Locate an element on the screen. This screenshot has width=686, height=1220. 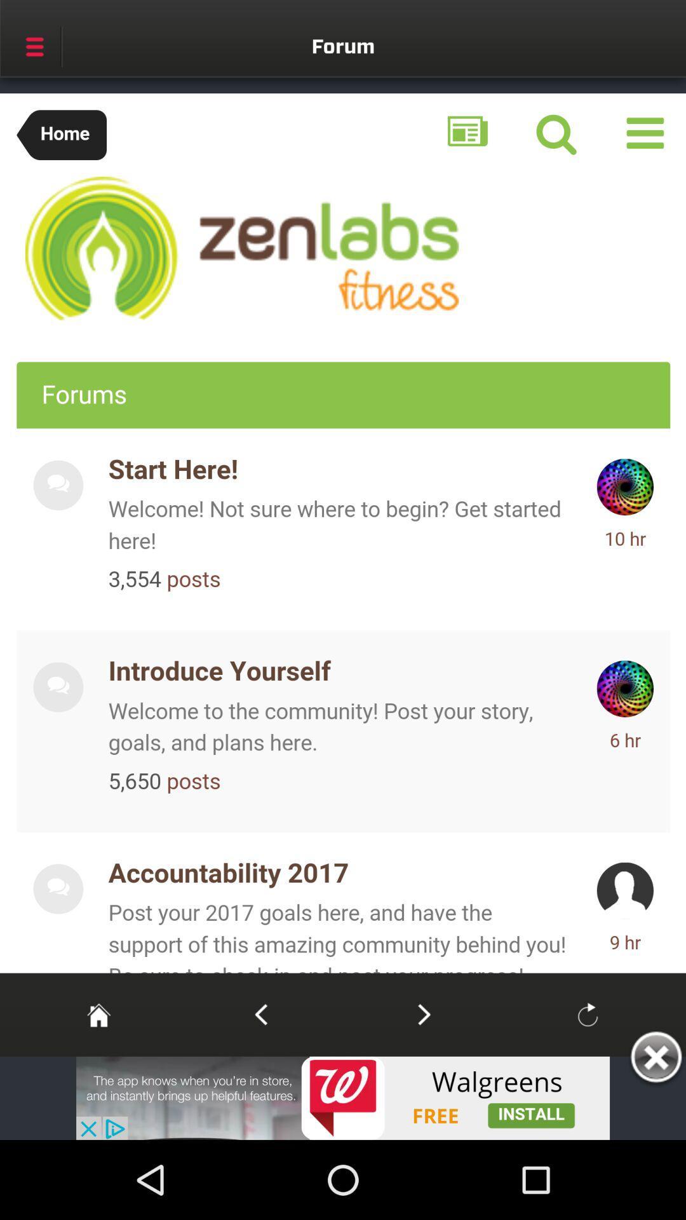
walgreens add to install the free app is located at coordinates (343, 1097).